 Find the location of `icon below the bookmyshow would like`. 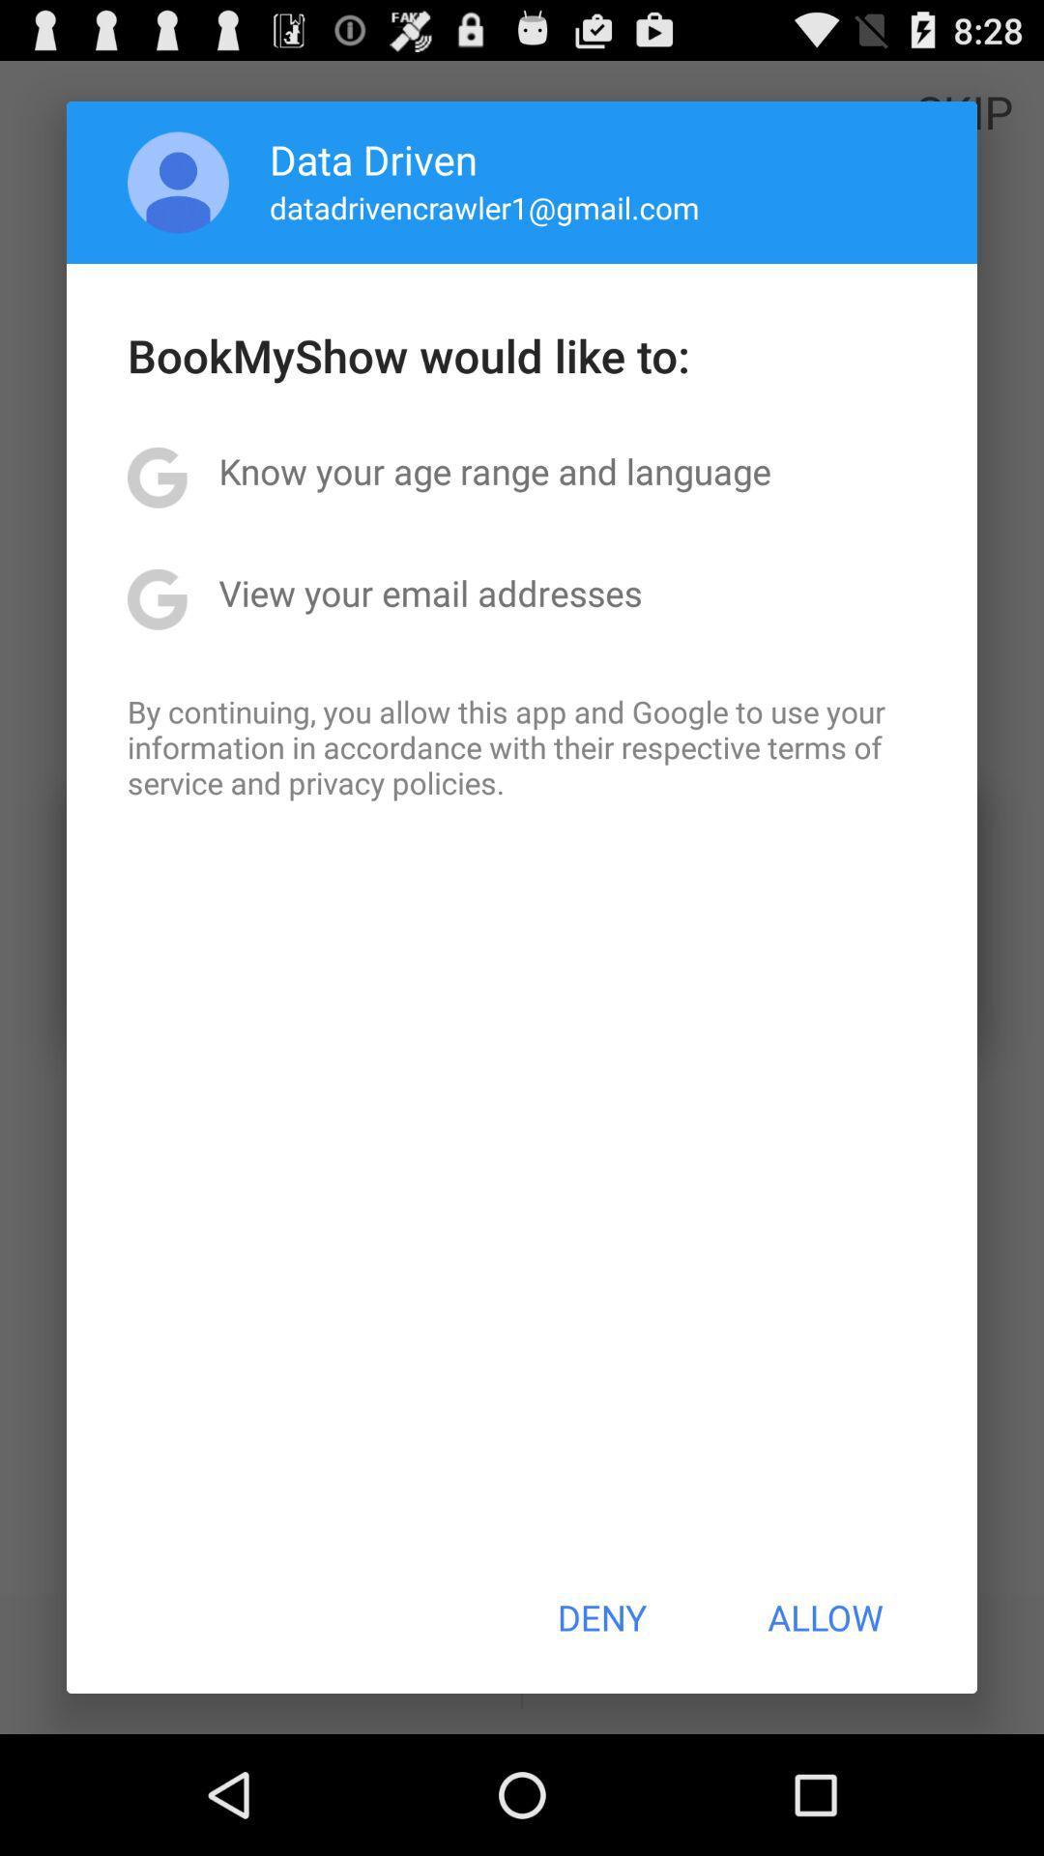

icon below the bookmyshow would like is located at coordinates (494, 471).